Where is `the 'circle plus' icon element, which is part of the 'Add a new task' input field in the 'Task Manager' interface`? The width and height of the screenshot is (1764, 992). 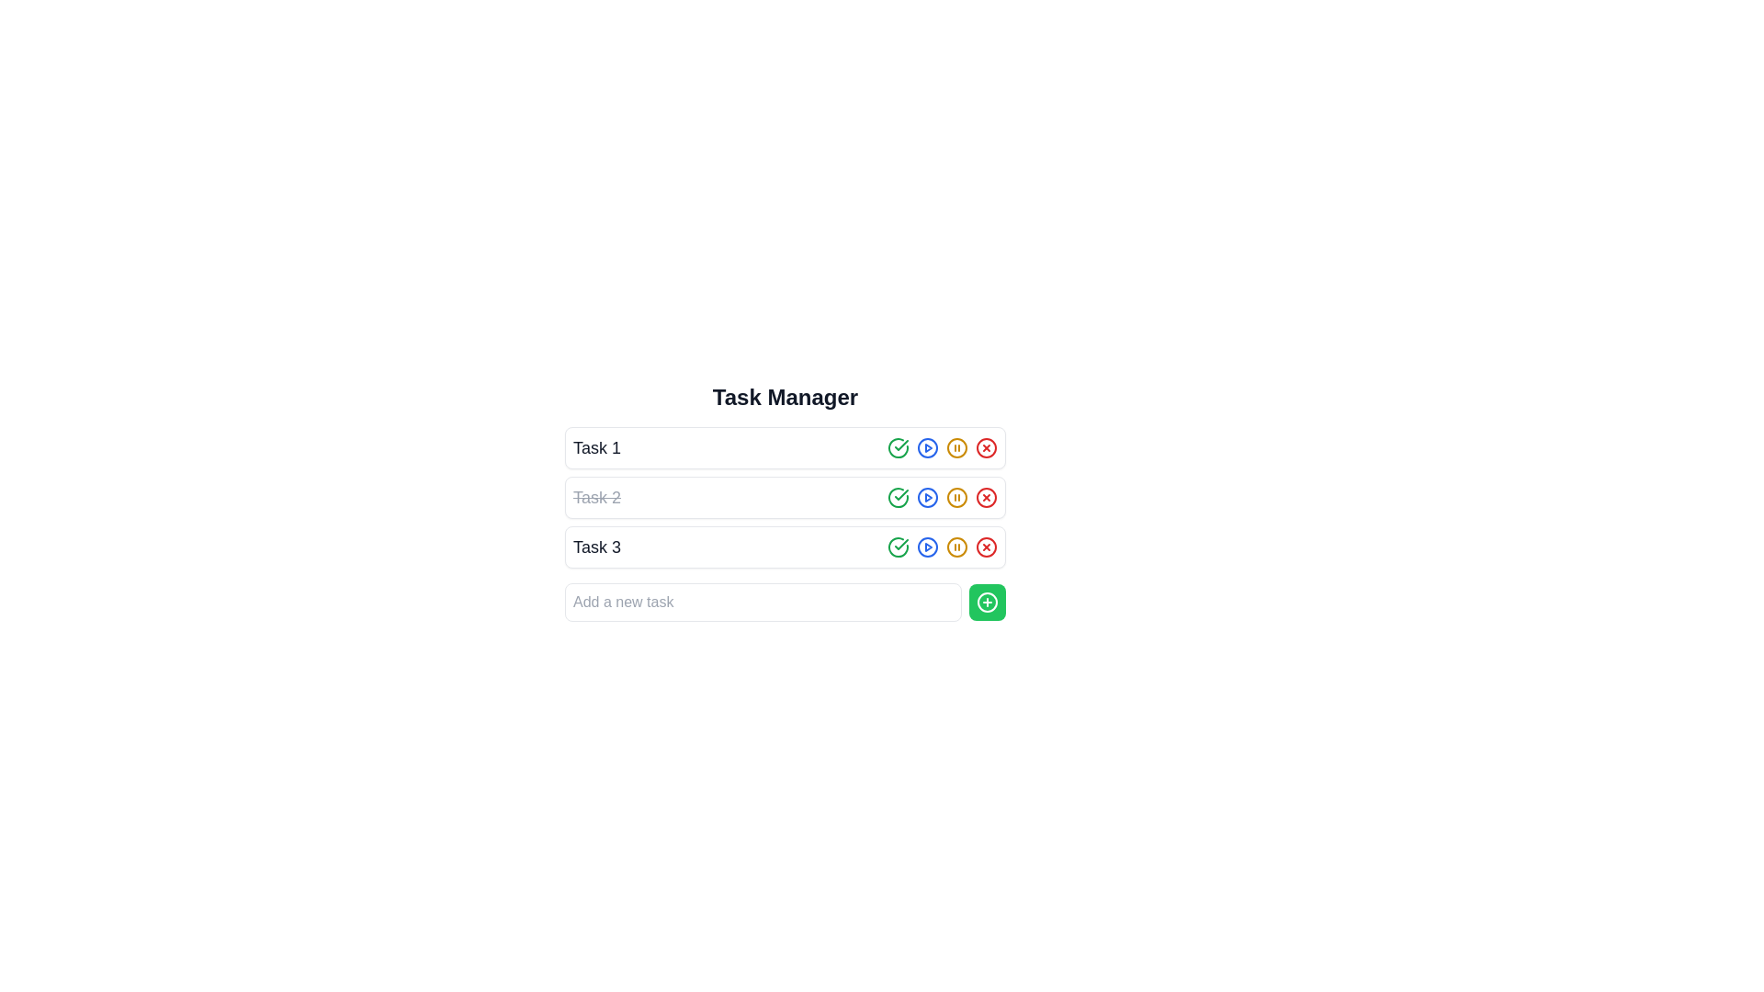 the 'circle plus' icon element, which is part of the 'Add a new task' input field in the 'Task Manager' interface is located at coordinates (987, 602).